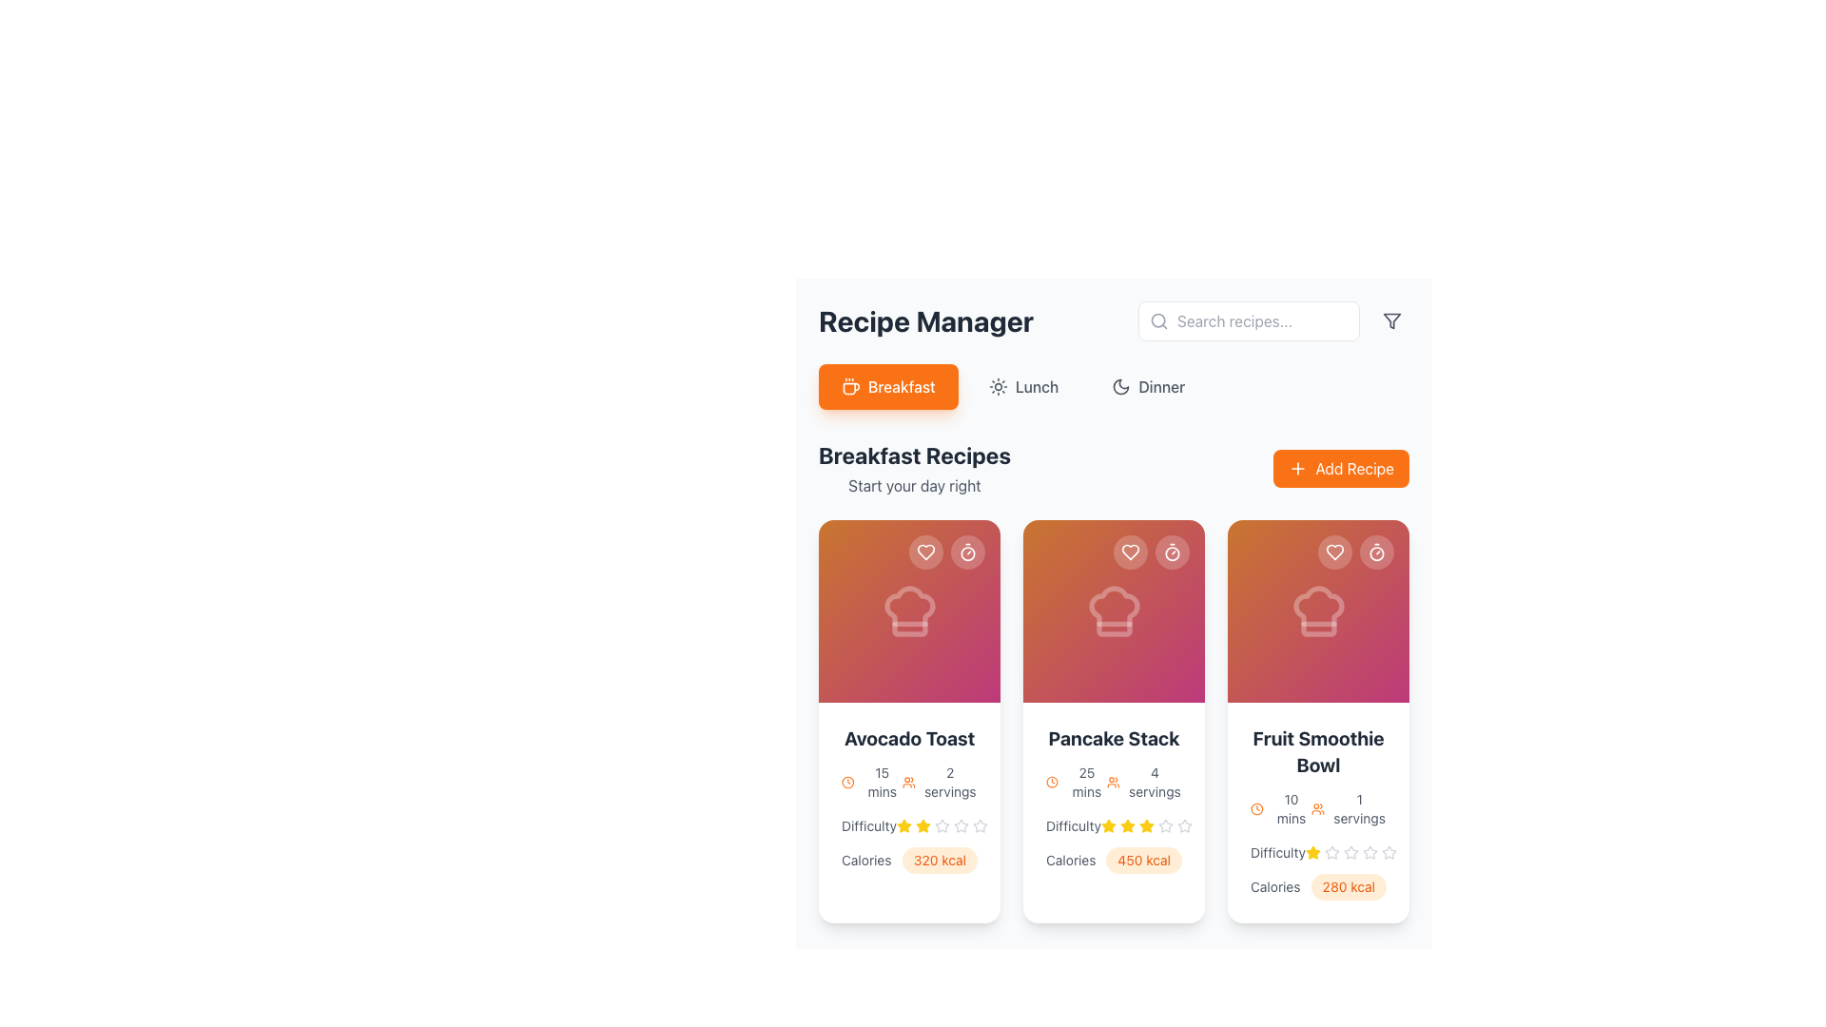 This screenshot has width=1826, height=1027. What do you see at coordinates (1114, 824) in the screenshot?
I see `the second yellow star icon in the rating system located under the 'Difficulty' label on the 'Pancake Stack' recipe card` at bounding box center [1114, 824].